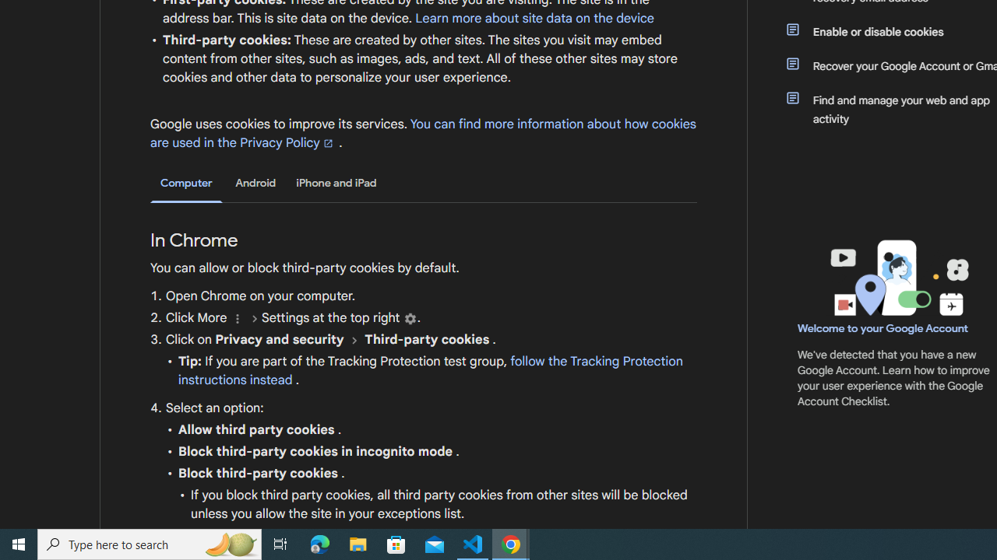  I want to click on 'Learning Center home page image', so click(897, 277).